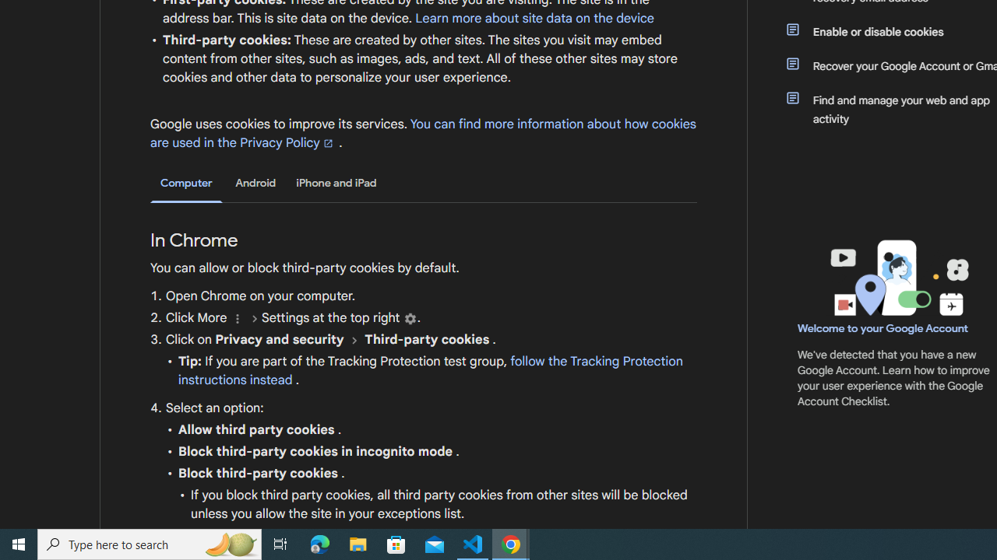  I want to click on 'Learning Center home page image', so click(897, 277).